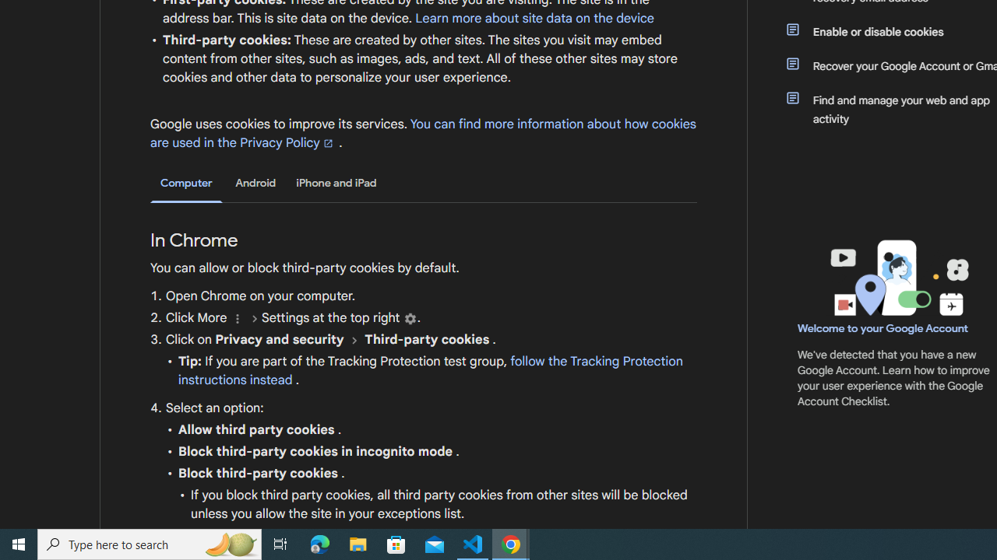  I want to click on 'Learning Center home page image', so click(897, 277).